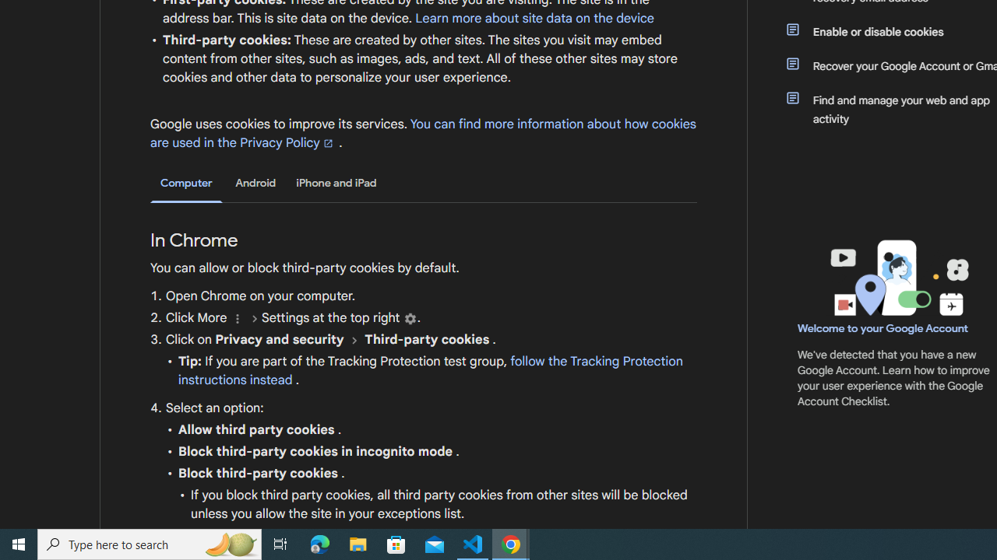  I want to click on 'Learning Center home page image', so click(897, 277).